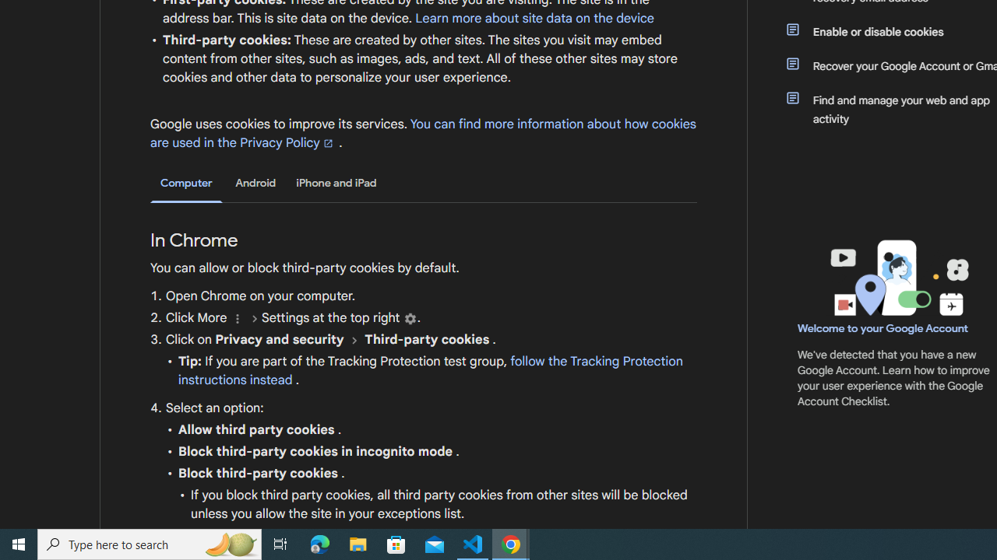  I want to click on 'Learning Center home page image', so click(897, 277).